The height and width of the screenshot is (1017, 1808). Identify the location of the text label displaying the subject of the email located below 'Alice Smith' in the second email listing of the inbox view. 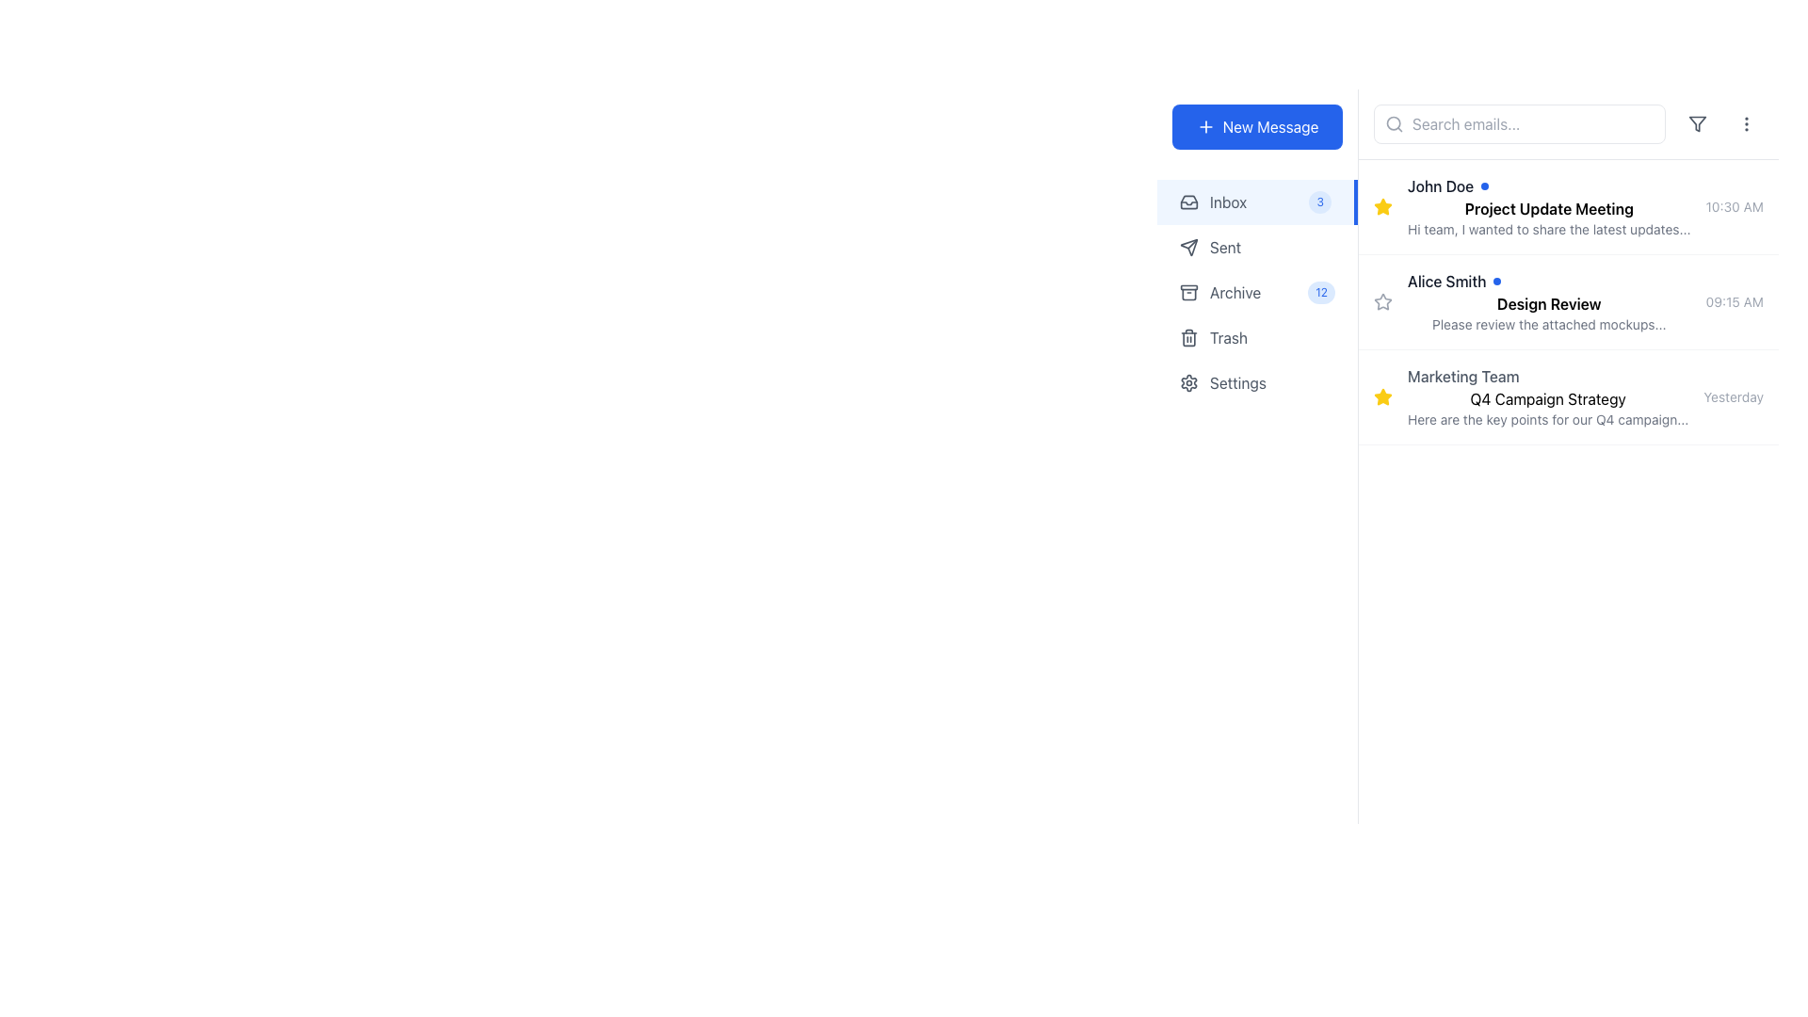
(1549, 303).